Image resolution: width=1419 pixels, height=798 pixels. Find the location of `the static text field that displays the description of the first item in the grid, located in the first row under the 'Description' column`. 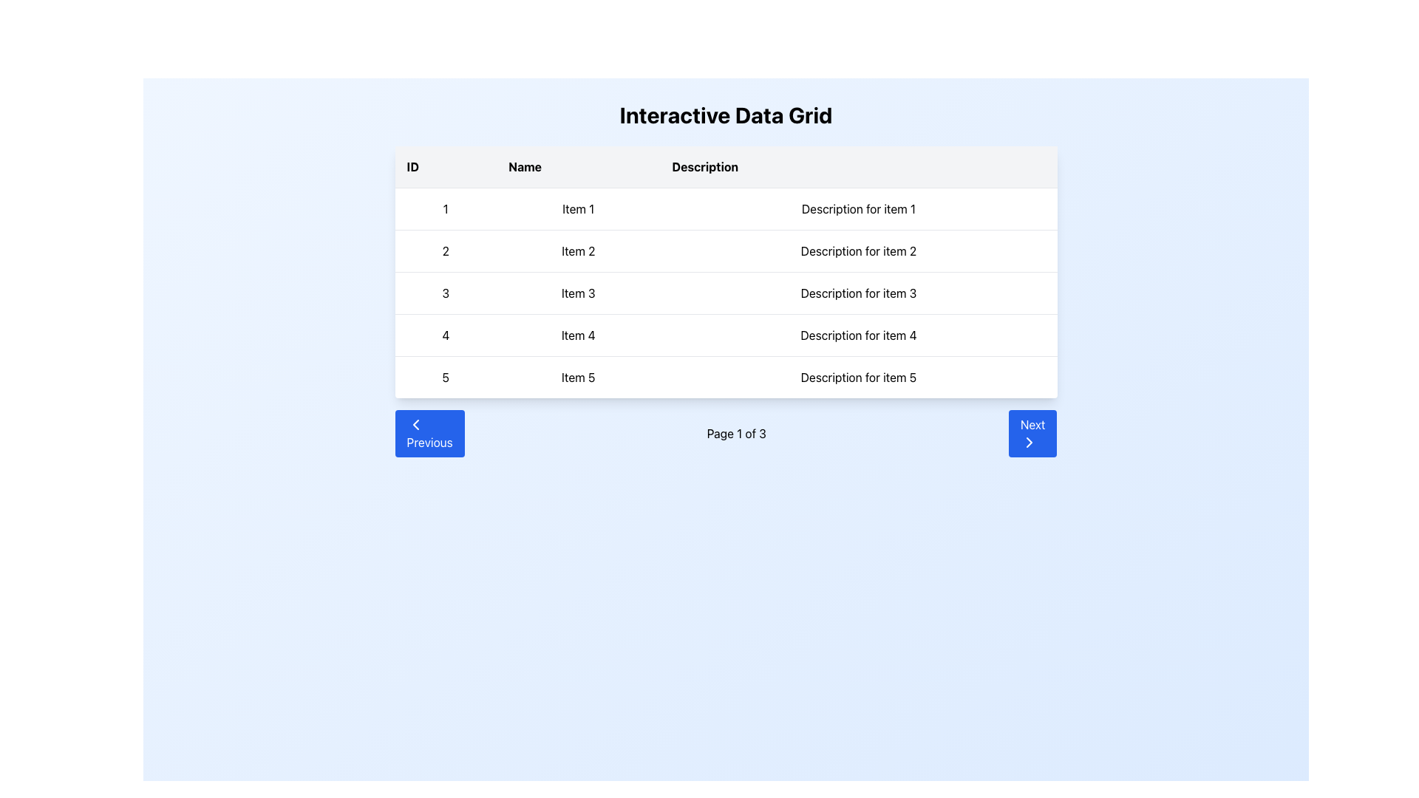

the static text field that displays the description of the first item in the grid, located in the first row under the 'Description' column is located at coordinates (858, 208).